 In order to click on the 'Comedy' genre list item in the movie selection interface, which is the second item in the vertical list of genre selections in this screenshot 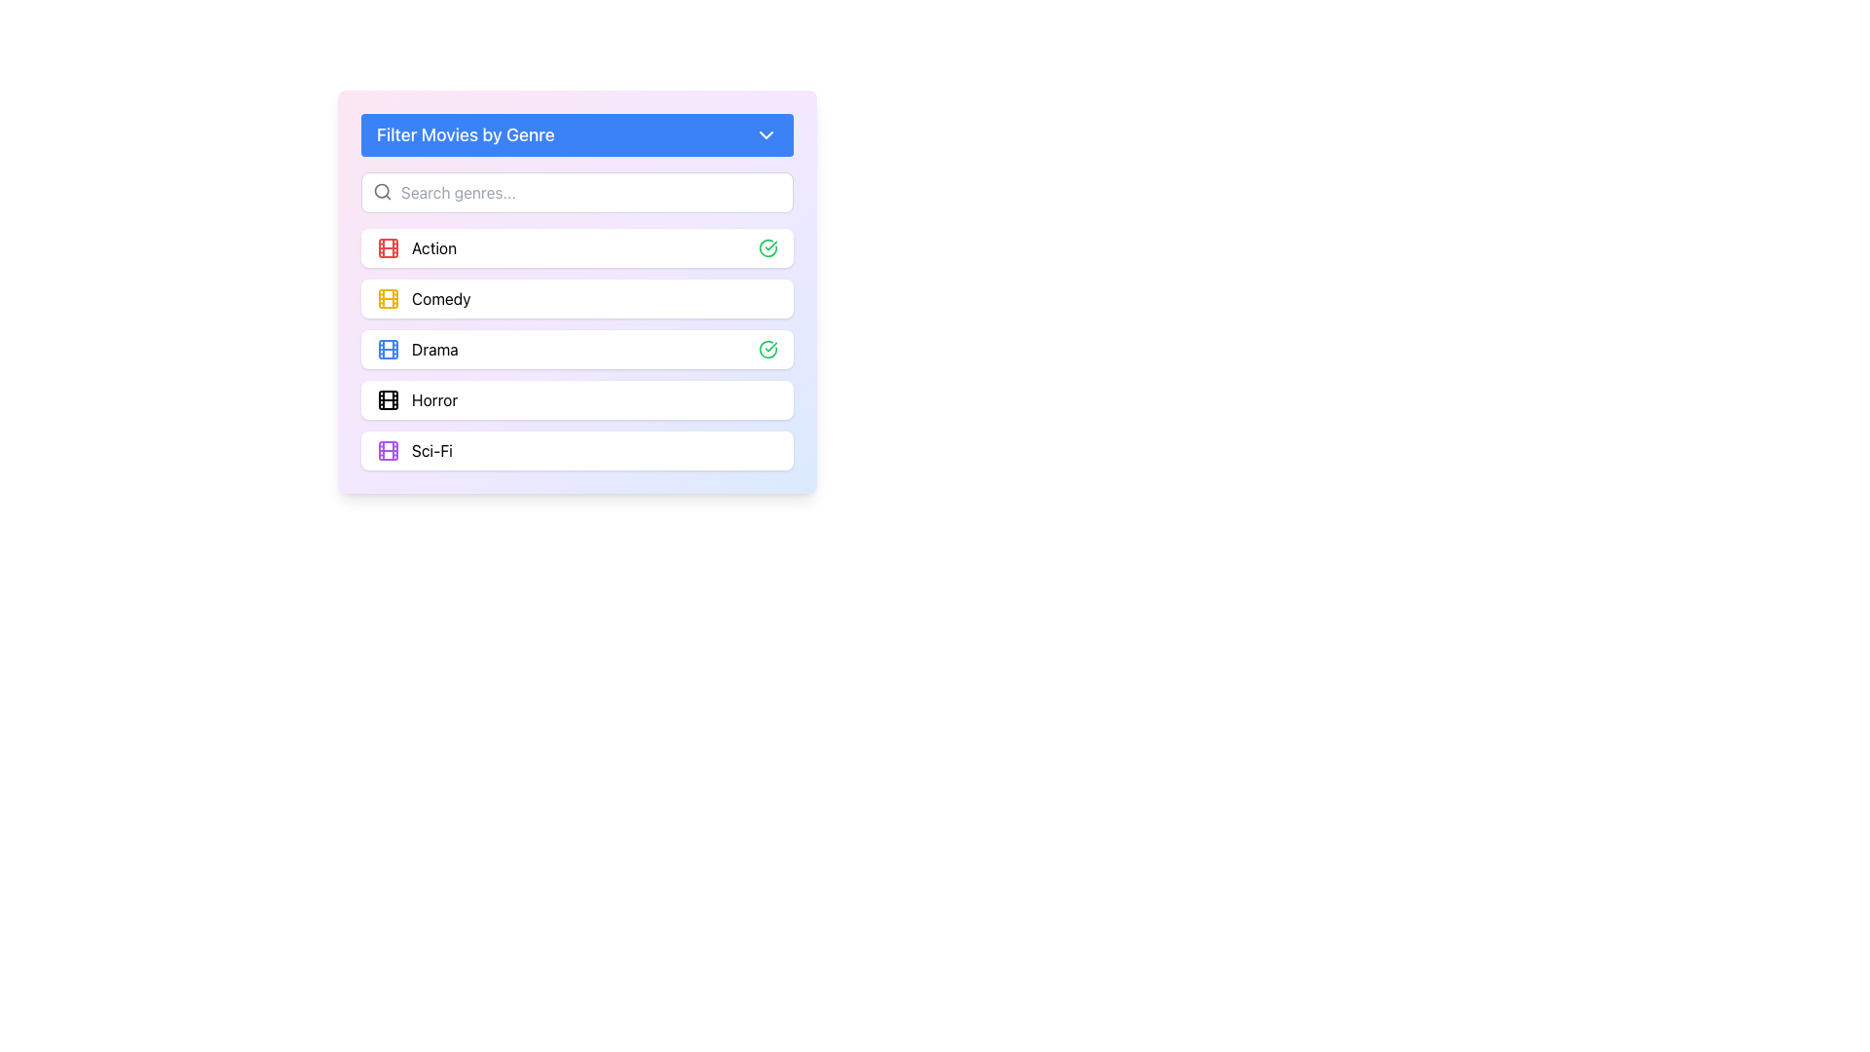, I will do `click(423, 299)`.